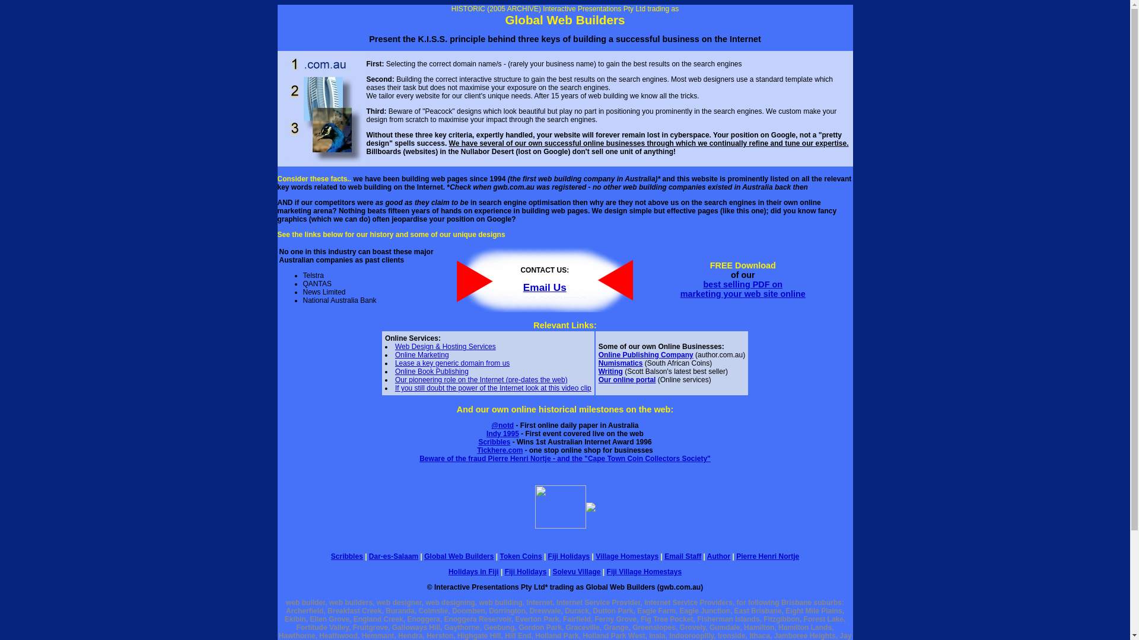 This screenshot has height=640, width=1139. What do you see at coordinates (473, 571) in the screenshot?
I see `'Holidays in Fiji'` at bounding box center [473, 571].